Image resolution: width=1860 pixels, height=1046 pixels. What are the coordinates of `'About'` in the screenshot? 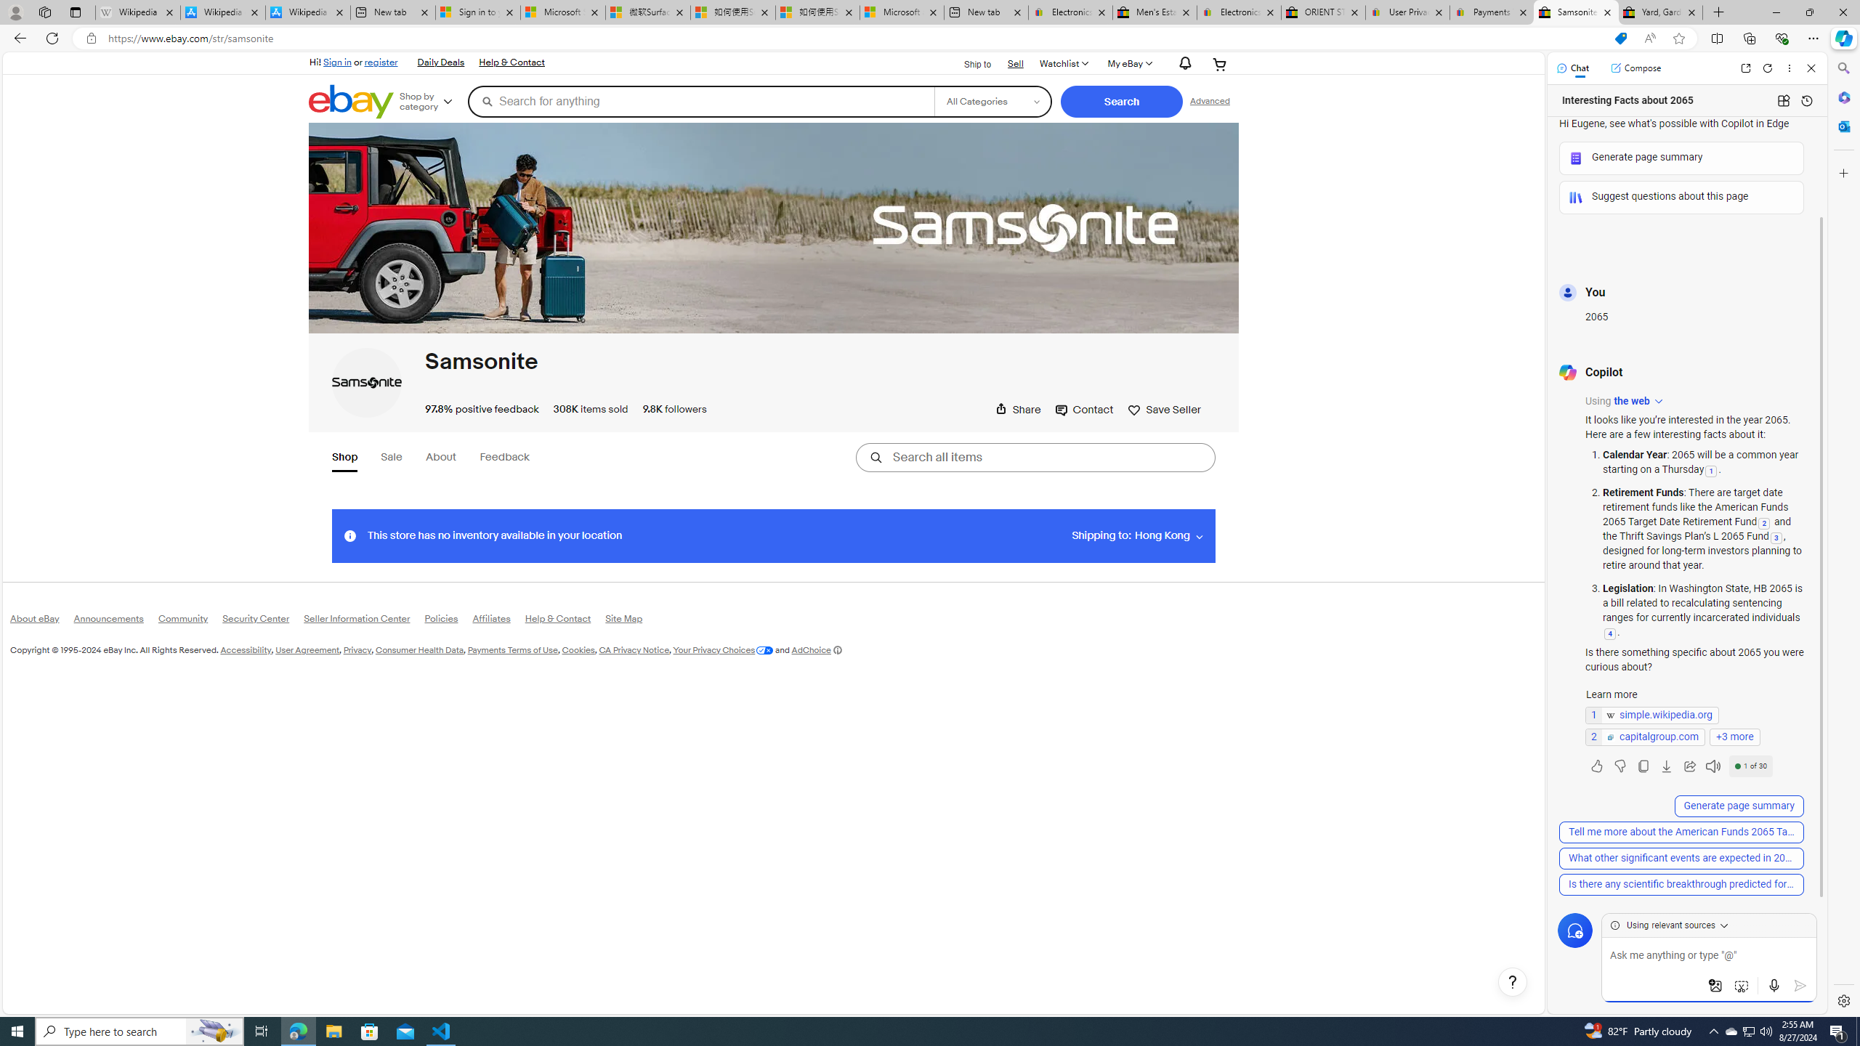 It's located at (441, 457).